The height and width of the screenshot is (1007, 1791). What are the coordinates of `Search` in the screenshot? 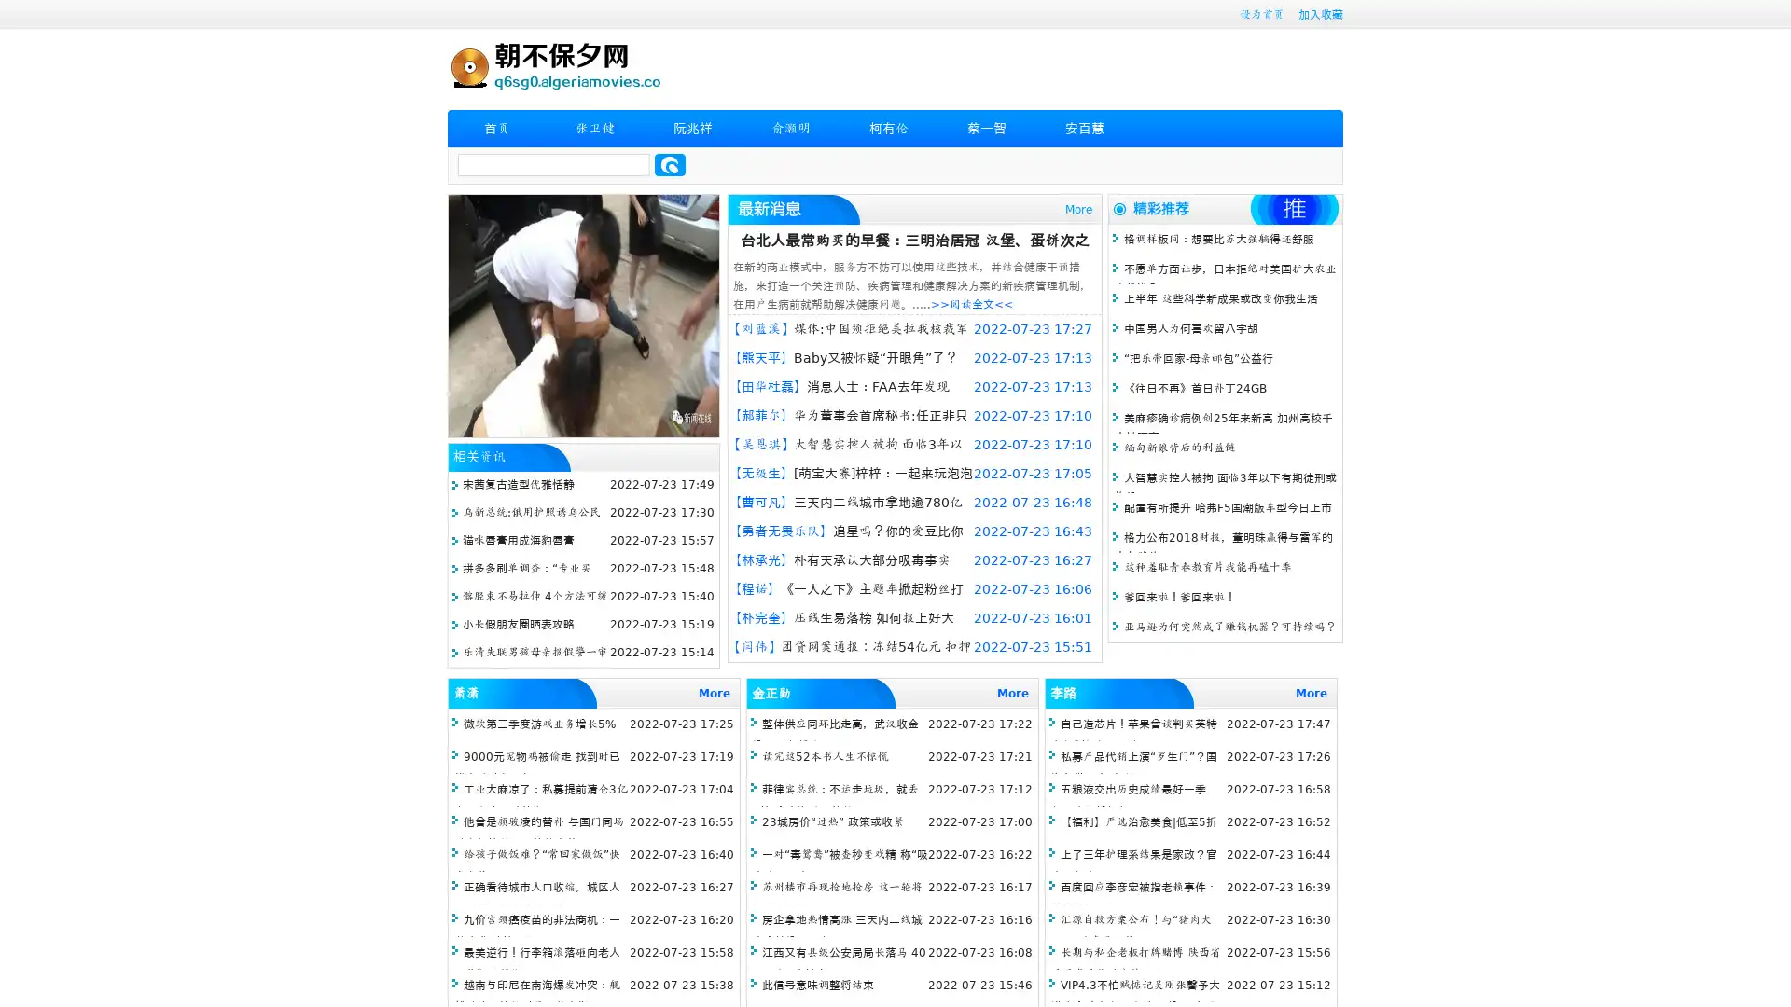 It's located at (670, 164).